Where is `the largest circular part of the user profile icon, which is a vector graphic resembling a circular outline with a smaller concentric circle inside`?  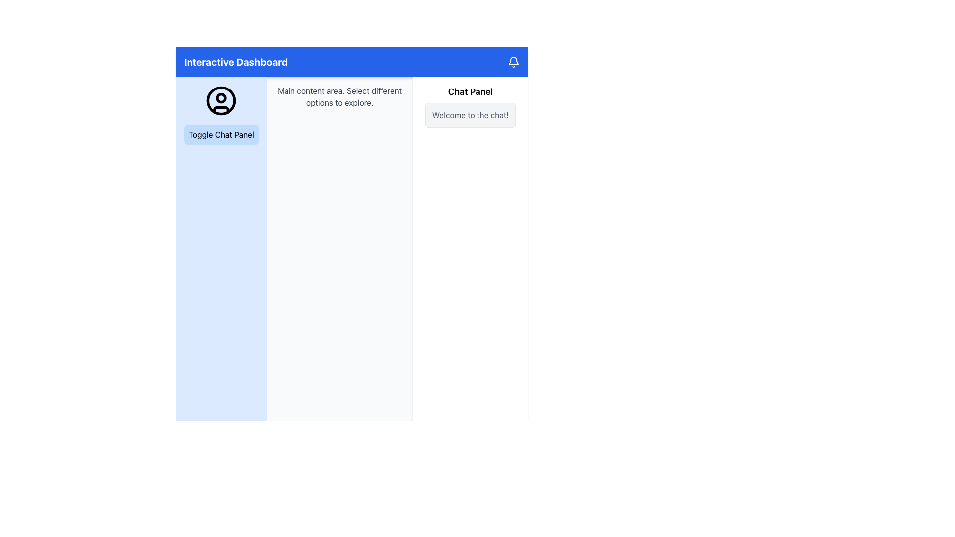
the largest circular part of the user profile icon, which is a vector graphic resembling a circular outline with a smaller concentric circle inside is located at coordinates (221, 101).